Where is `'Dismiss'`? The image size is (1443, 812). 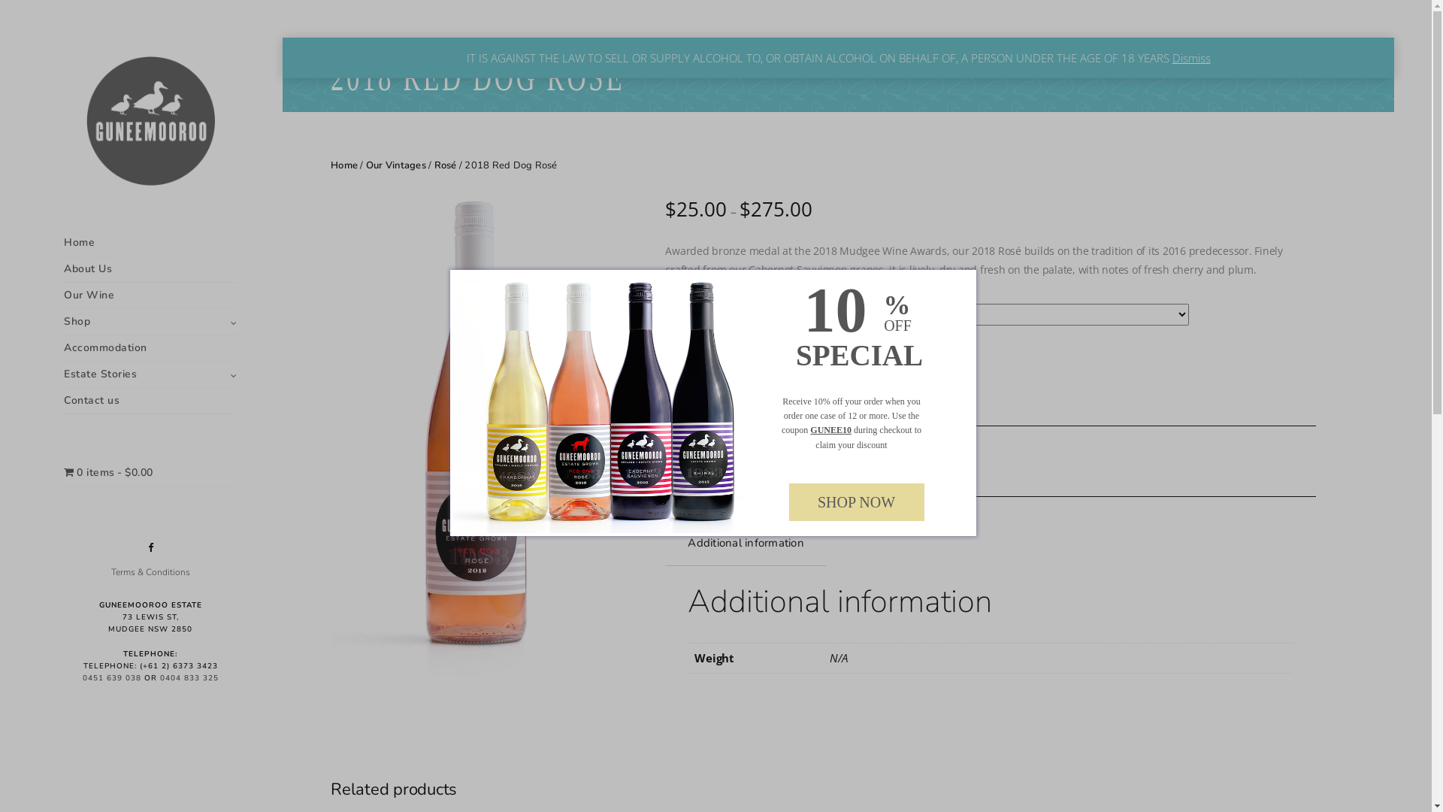 'Dismiss' is located at coordinates (1190, 57).